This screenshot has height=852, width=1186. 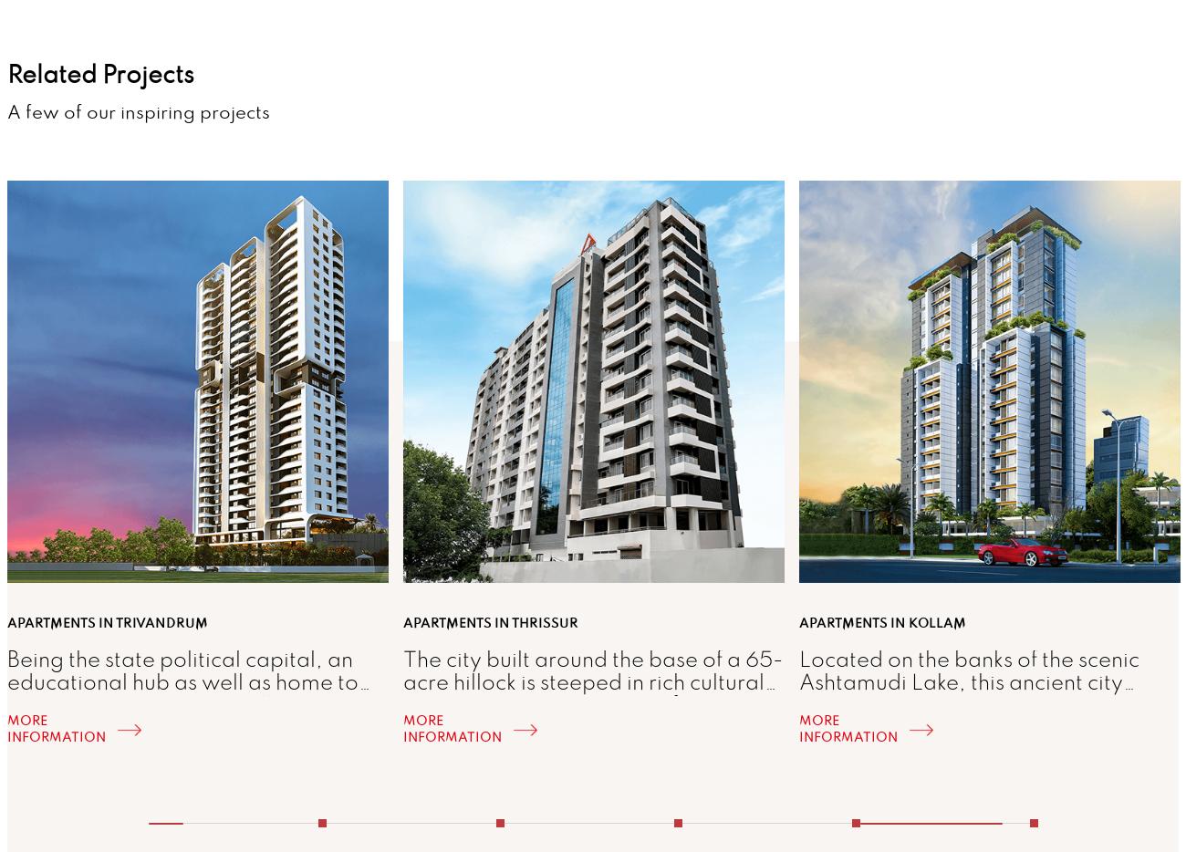 What do you see at coordinates (494, 810) in the screenshot?
I see `'2'` at bounding box center [494, 810].